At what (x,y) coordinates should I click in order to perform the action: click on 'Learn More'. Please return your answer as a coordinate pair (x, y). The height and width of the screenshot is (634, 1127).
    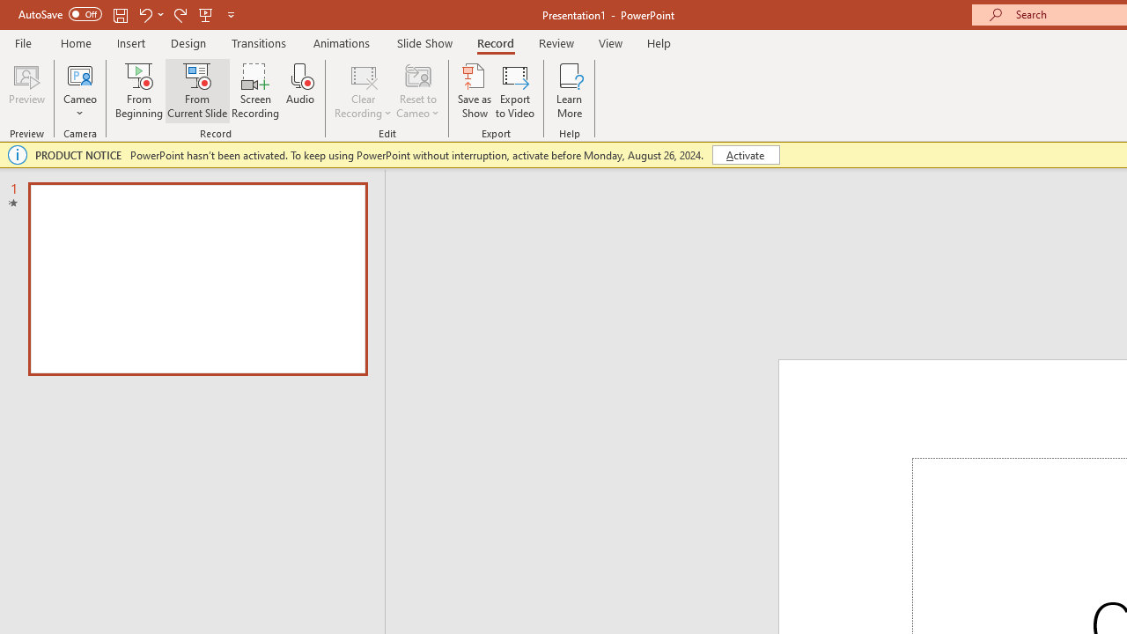
    Looking at the image, I should click on (570, 91).